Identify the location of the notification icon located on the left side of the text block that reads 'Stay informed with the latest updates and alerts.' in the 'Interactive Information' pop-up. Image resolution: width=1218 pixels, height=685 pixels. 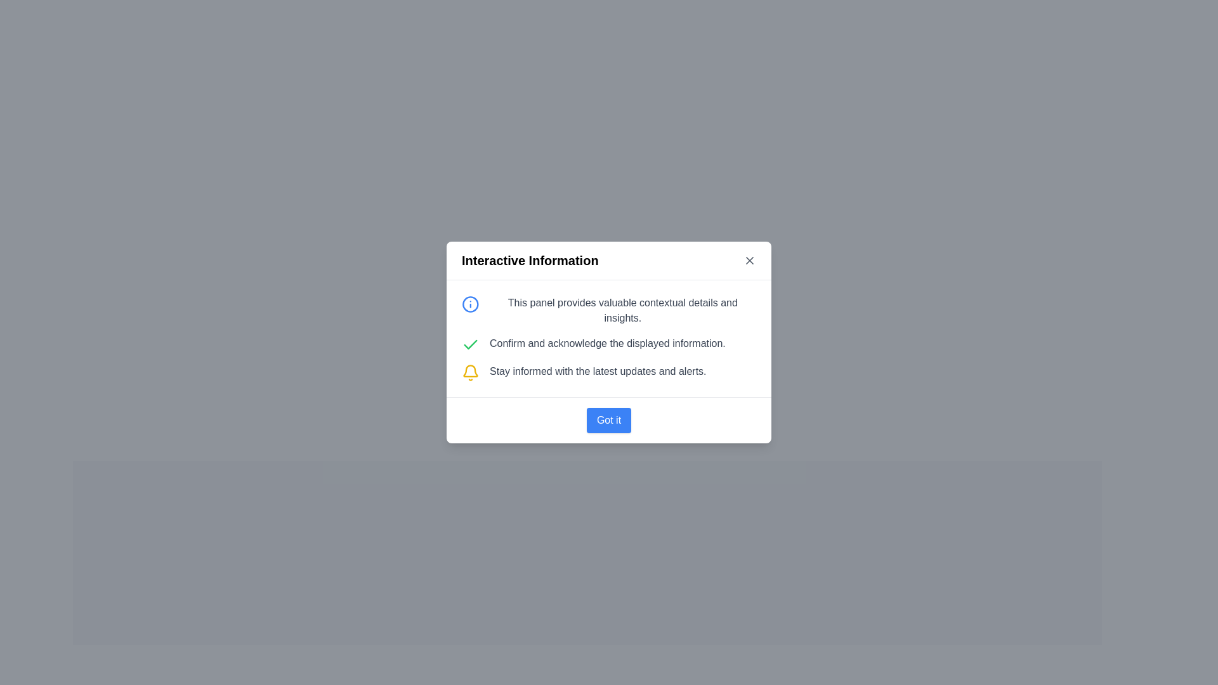
(470, 372).